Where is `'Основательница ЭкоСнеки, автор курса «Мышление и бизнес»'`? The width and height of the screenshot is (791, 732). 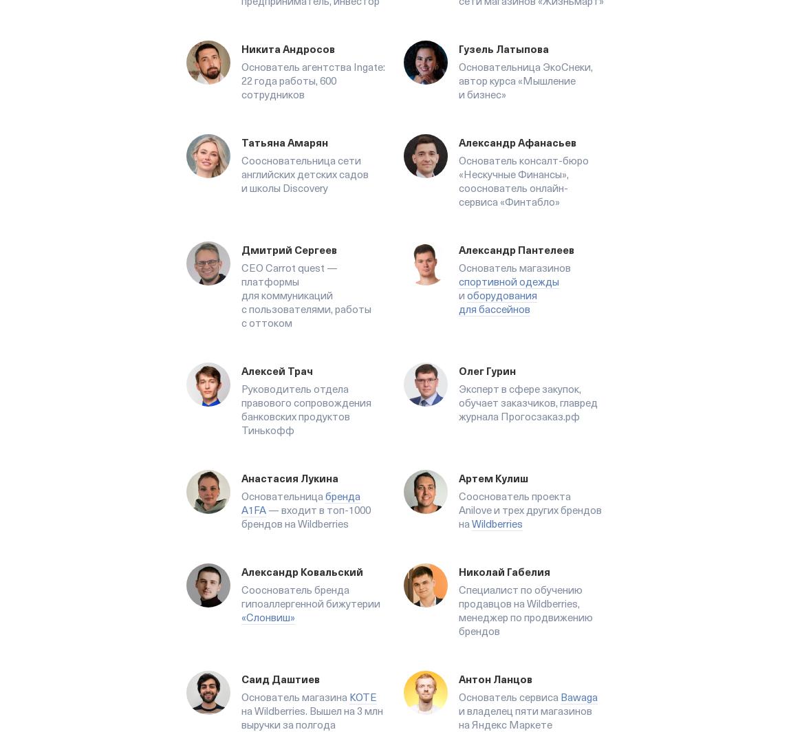 'Основательница ЭкоСнеки, автор курса «Мышление и бизнес»' is located at coordinates (525, 80).